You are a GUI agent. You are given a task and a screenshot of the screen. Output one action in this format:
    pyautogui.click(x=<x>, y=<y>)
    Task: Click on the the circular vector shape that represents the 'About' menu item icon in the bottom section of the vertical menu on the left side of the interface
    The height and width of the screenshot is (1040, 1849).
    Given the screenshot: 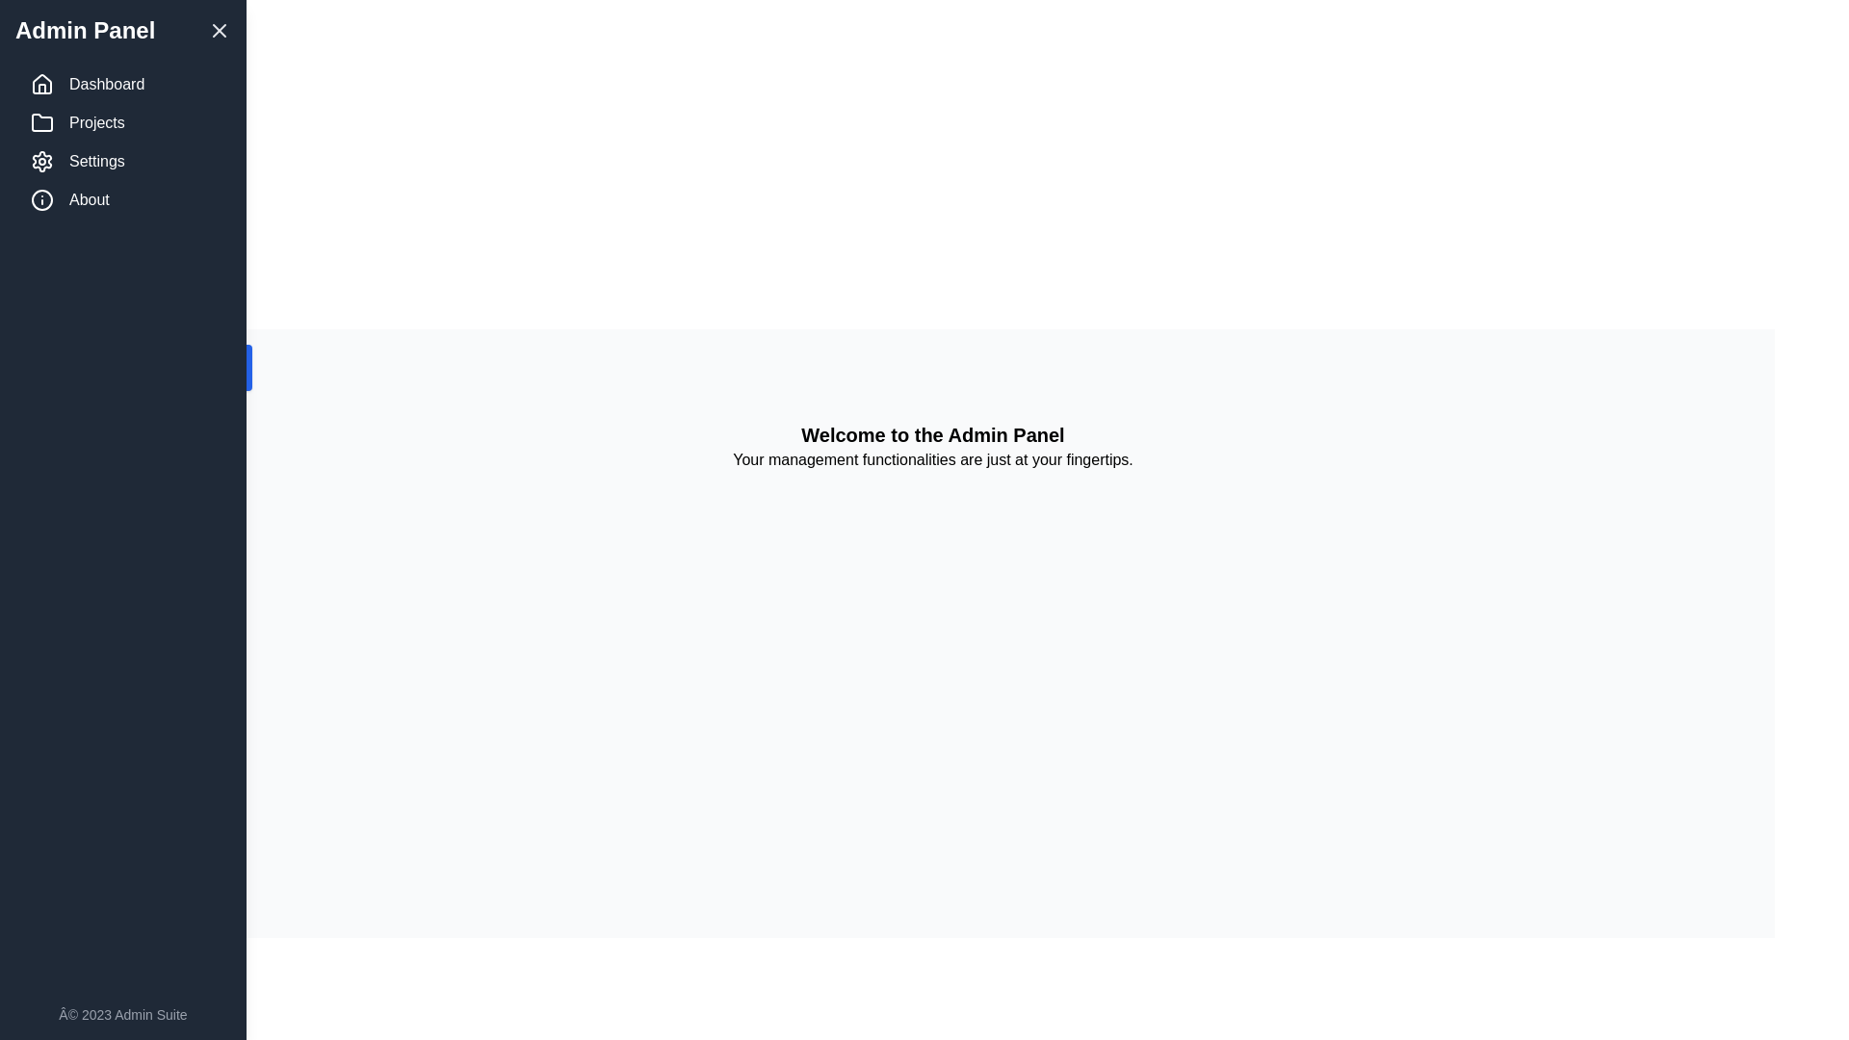 What is the action you would take?
    pyautogui.click(x=41, y=200)
    